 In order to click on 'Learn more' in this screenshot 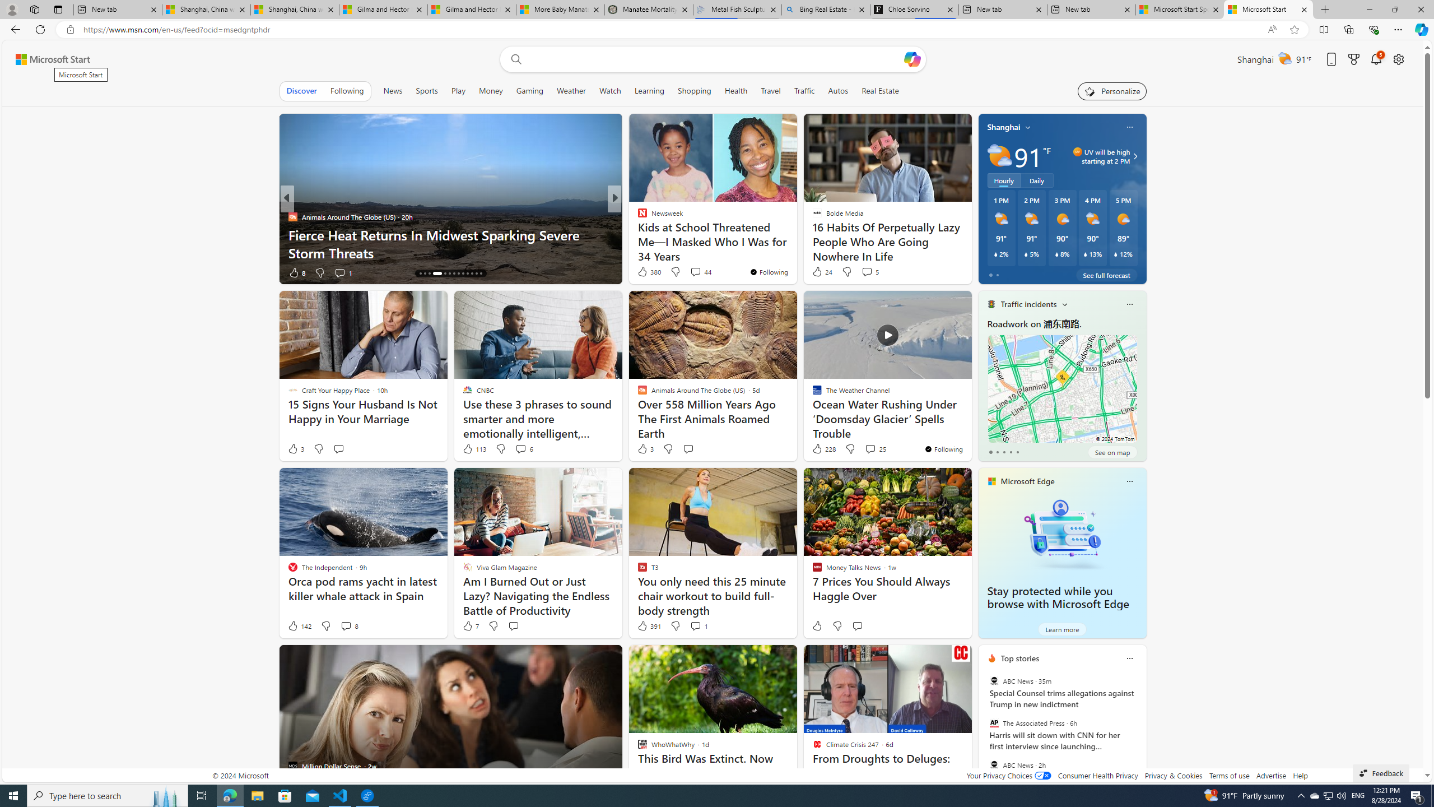, I will do `click(1061, 629)`.